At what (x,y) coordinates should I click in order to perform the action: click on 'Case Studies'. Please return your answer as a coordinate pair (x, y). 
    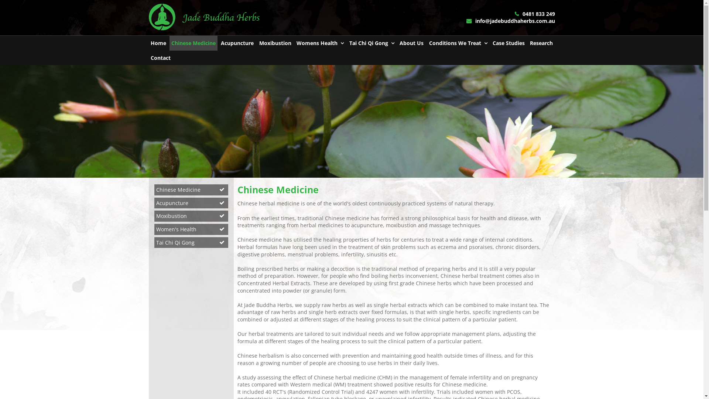
    Looking at the image, I should click on (508, 43).